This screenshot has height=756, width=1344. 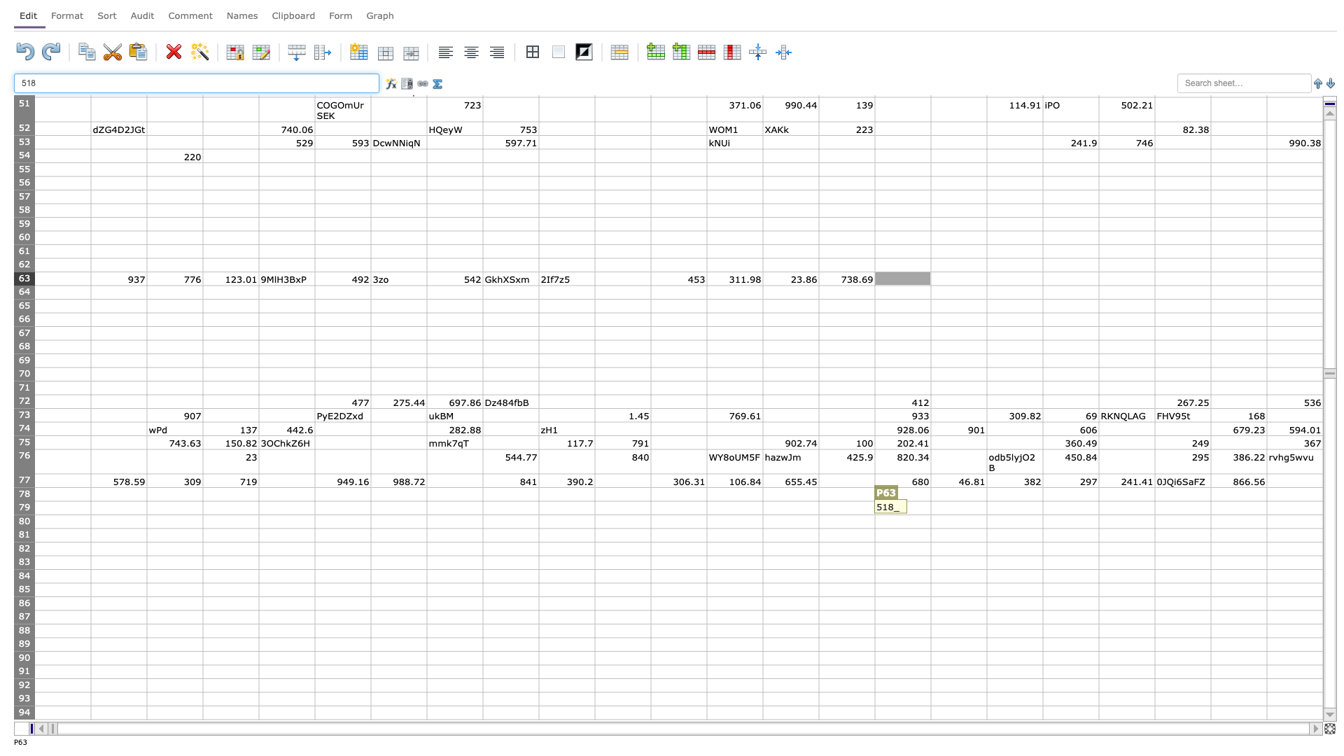 I want to click on Upper left corner of cell Q79, so click(x=930, y=500).